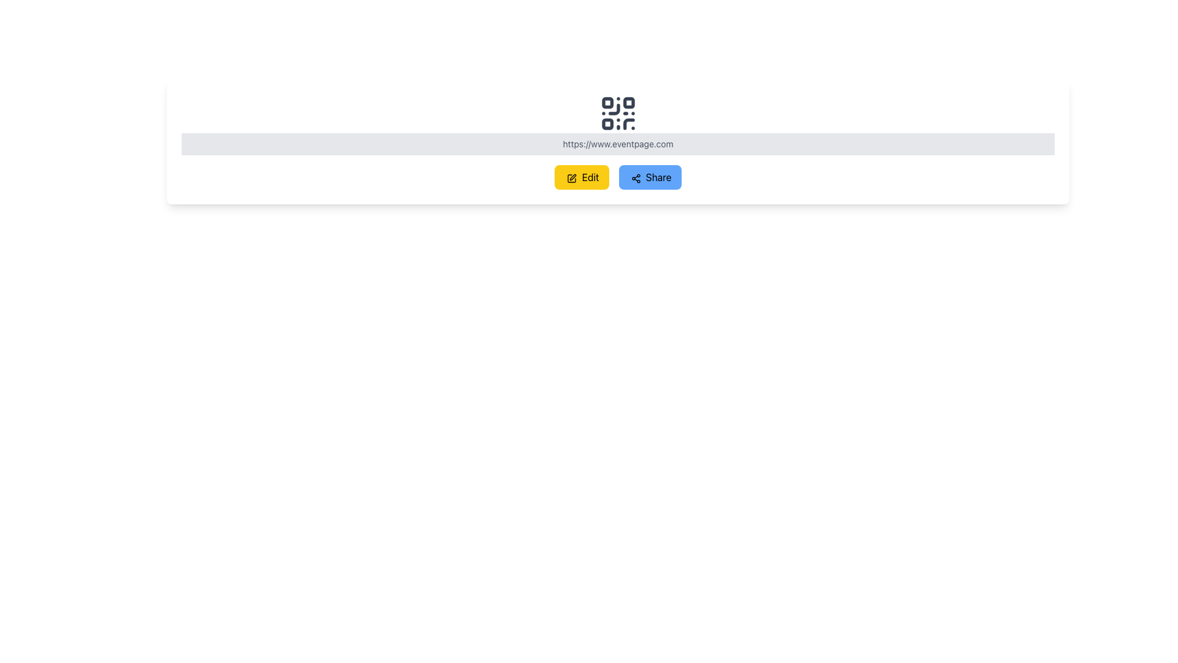 The width and height of the screenshot is (1178, 663). Describe the element at coordinates (571, 178) in the screenshot. I see `the pen icon within the yellow Edit button, which is located to the left of the blue Share button` at that location.